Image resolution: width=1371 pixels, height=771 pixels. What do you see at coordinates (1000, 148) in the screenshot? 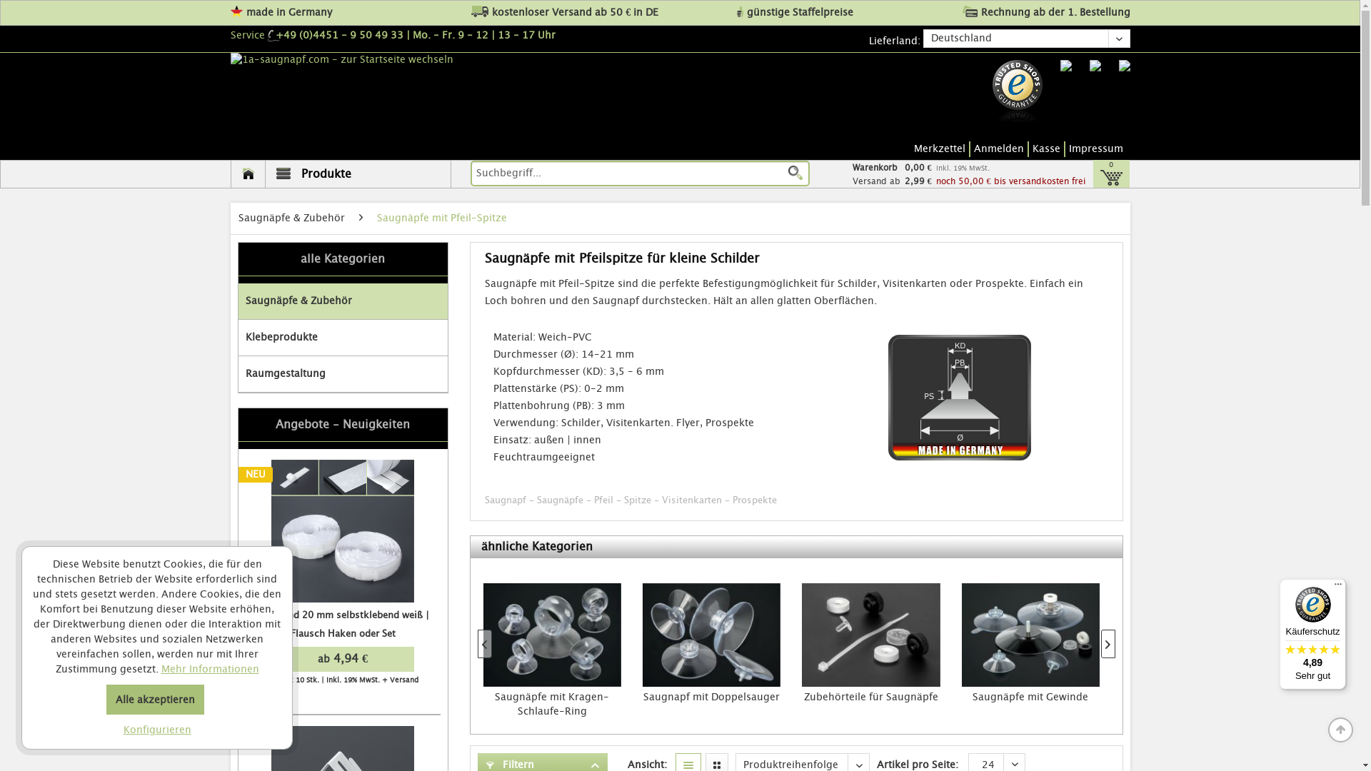
I see `'Anmelden'` at bounding box center [1000, 148].